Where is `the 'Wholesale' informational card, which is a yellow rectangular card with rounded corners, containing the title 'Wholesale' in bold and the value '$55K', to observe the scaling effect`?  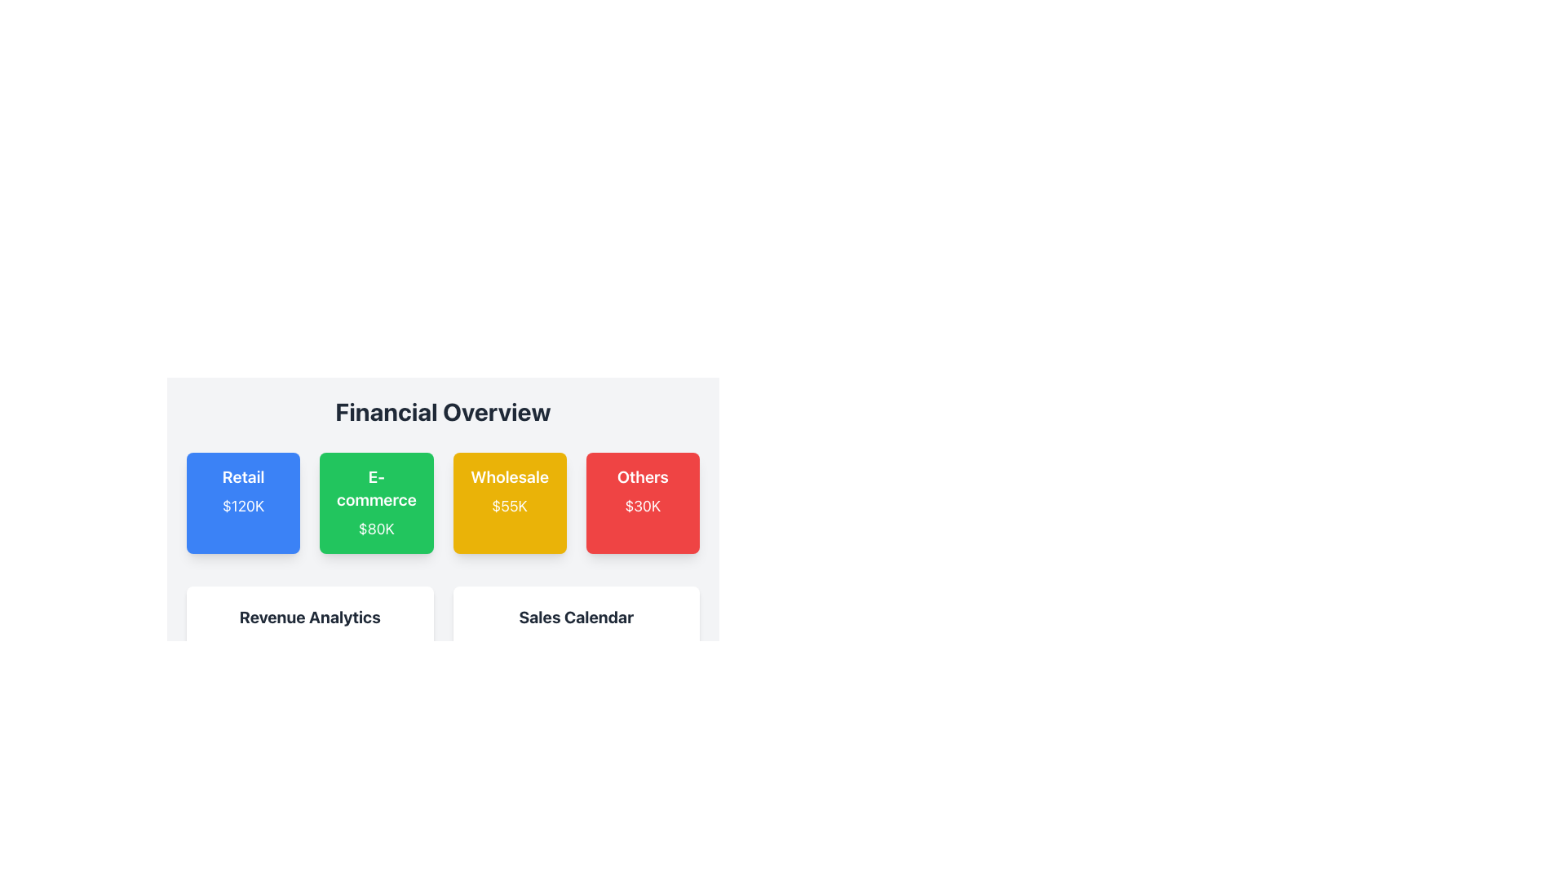
the 'Wholesale' informational card, which is a yellow rectangular card with rounded corners, containing the title 'Wholesale' in bold and the value '$55K', to observe the scaling effect is located at coordinates (509, 502).